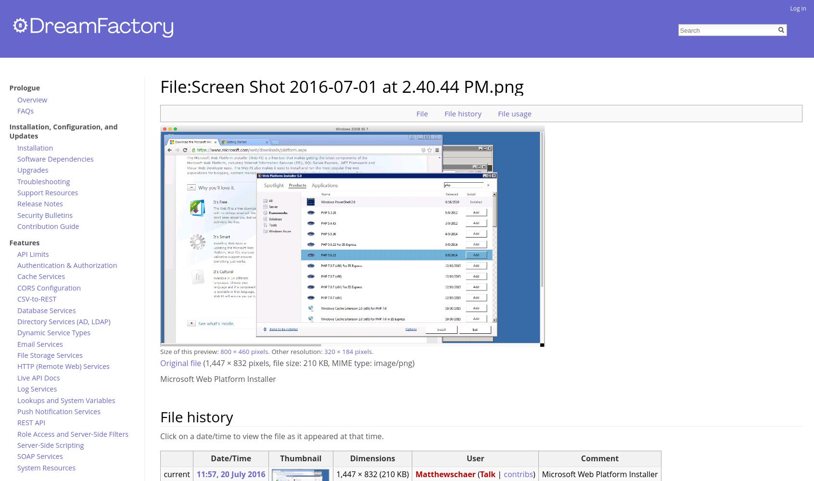 This screenshot has height=481, width=814. What do you see at coordinates (478, 473) in the screenshot?
I see `'('` at bounding box center [478, 473].